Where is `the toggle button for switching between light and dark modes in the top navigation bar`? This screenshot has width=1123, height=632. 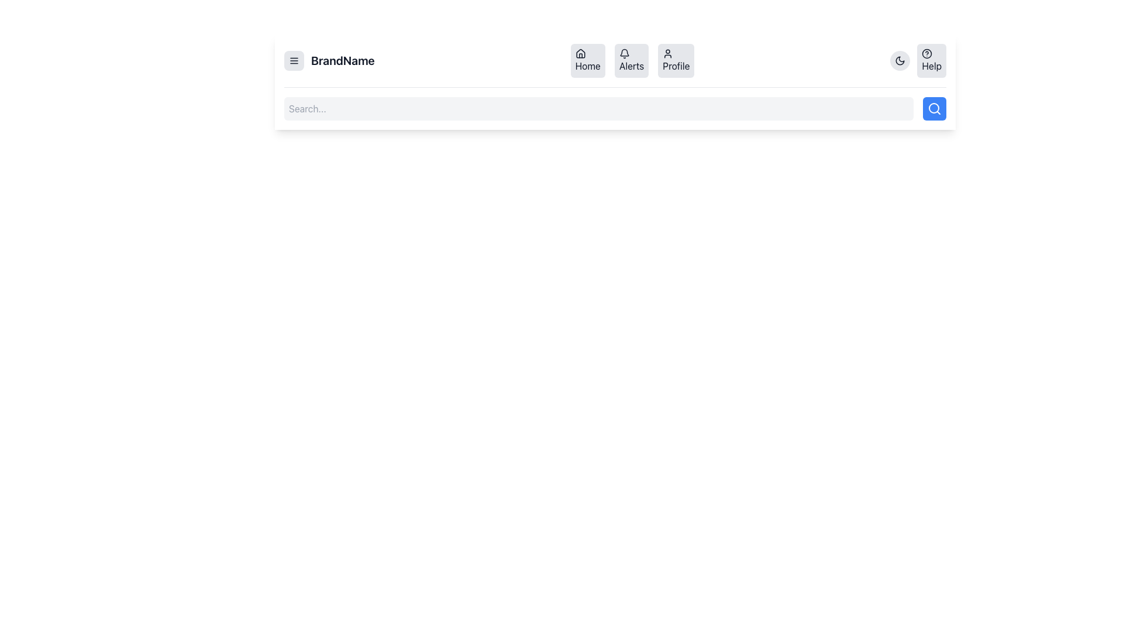
the toggle button for switching between light and dark modes in the top navigation bar is located at coordinates (900, 61).